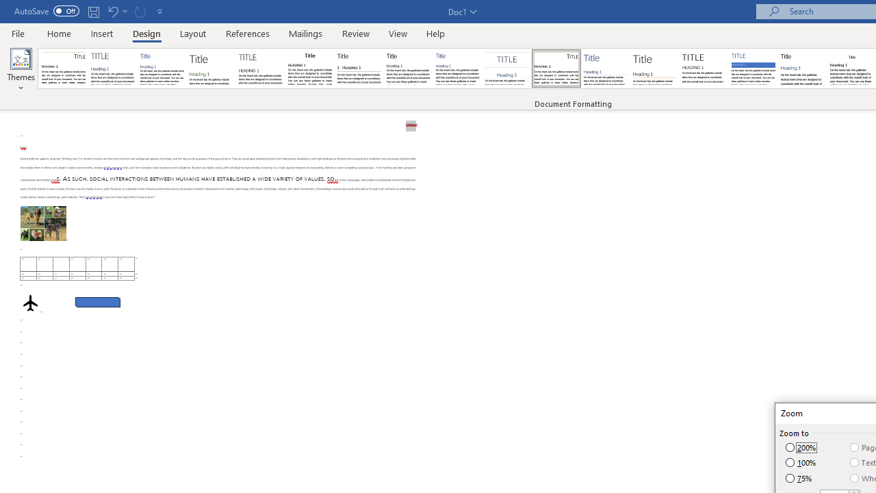 The height and width of the screenshot is (493, 876). What do you see at coordinates (211, 68) in the screenshot?
I see `'Basic (Stylish)'` at bounding box center [211, 68].